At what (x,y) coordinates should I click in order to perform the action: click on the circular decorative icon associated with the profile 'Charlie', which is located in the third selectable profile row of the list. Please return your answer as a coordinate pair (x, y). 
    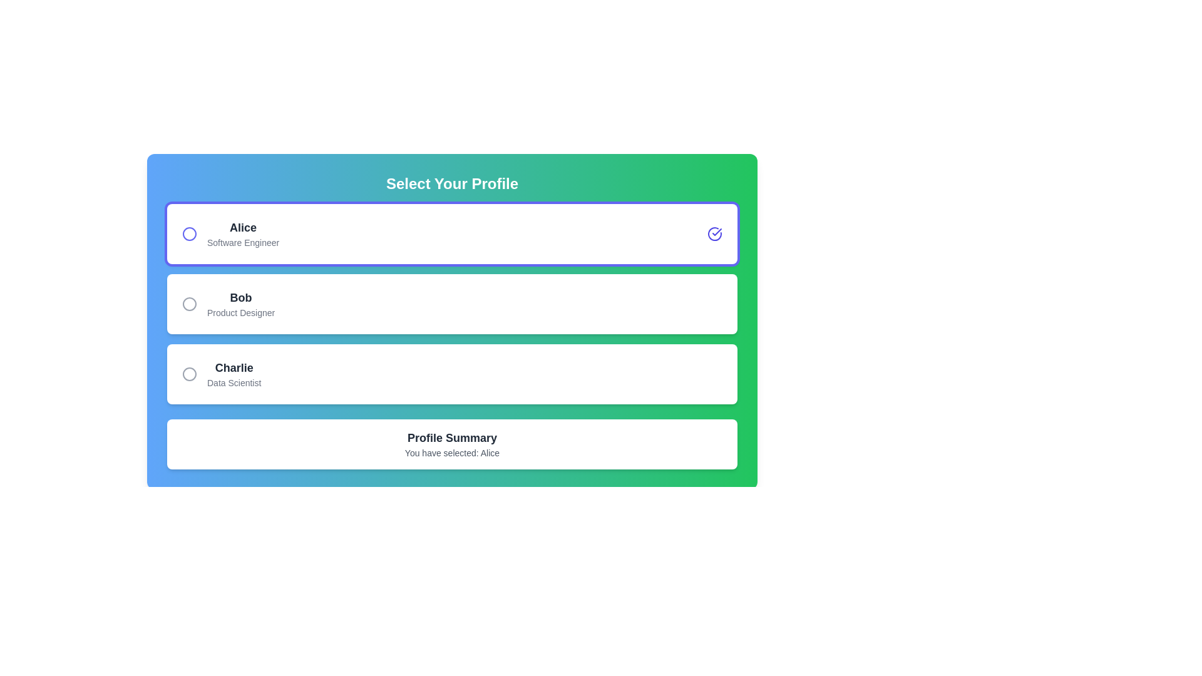
    Looking at the image, I should click on (188, 373).